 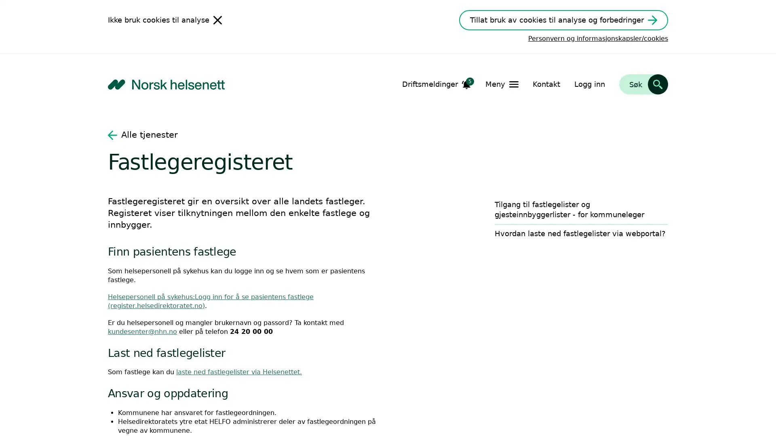 What do you see at coordinates (502, 84) in the screenshot?
I see `Apne Meny` at bounding box center [502, 84].